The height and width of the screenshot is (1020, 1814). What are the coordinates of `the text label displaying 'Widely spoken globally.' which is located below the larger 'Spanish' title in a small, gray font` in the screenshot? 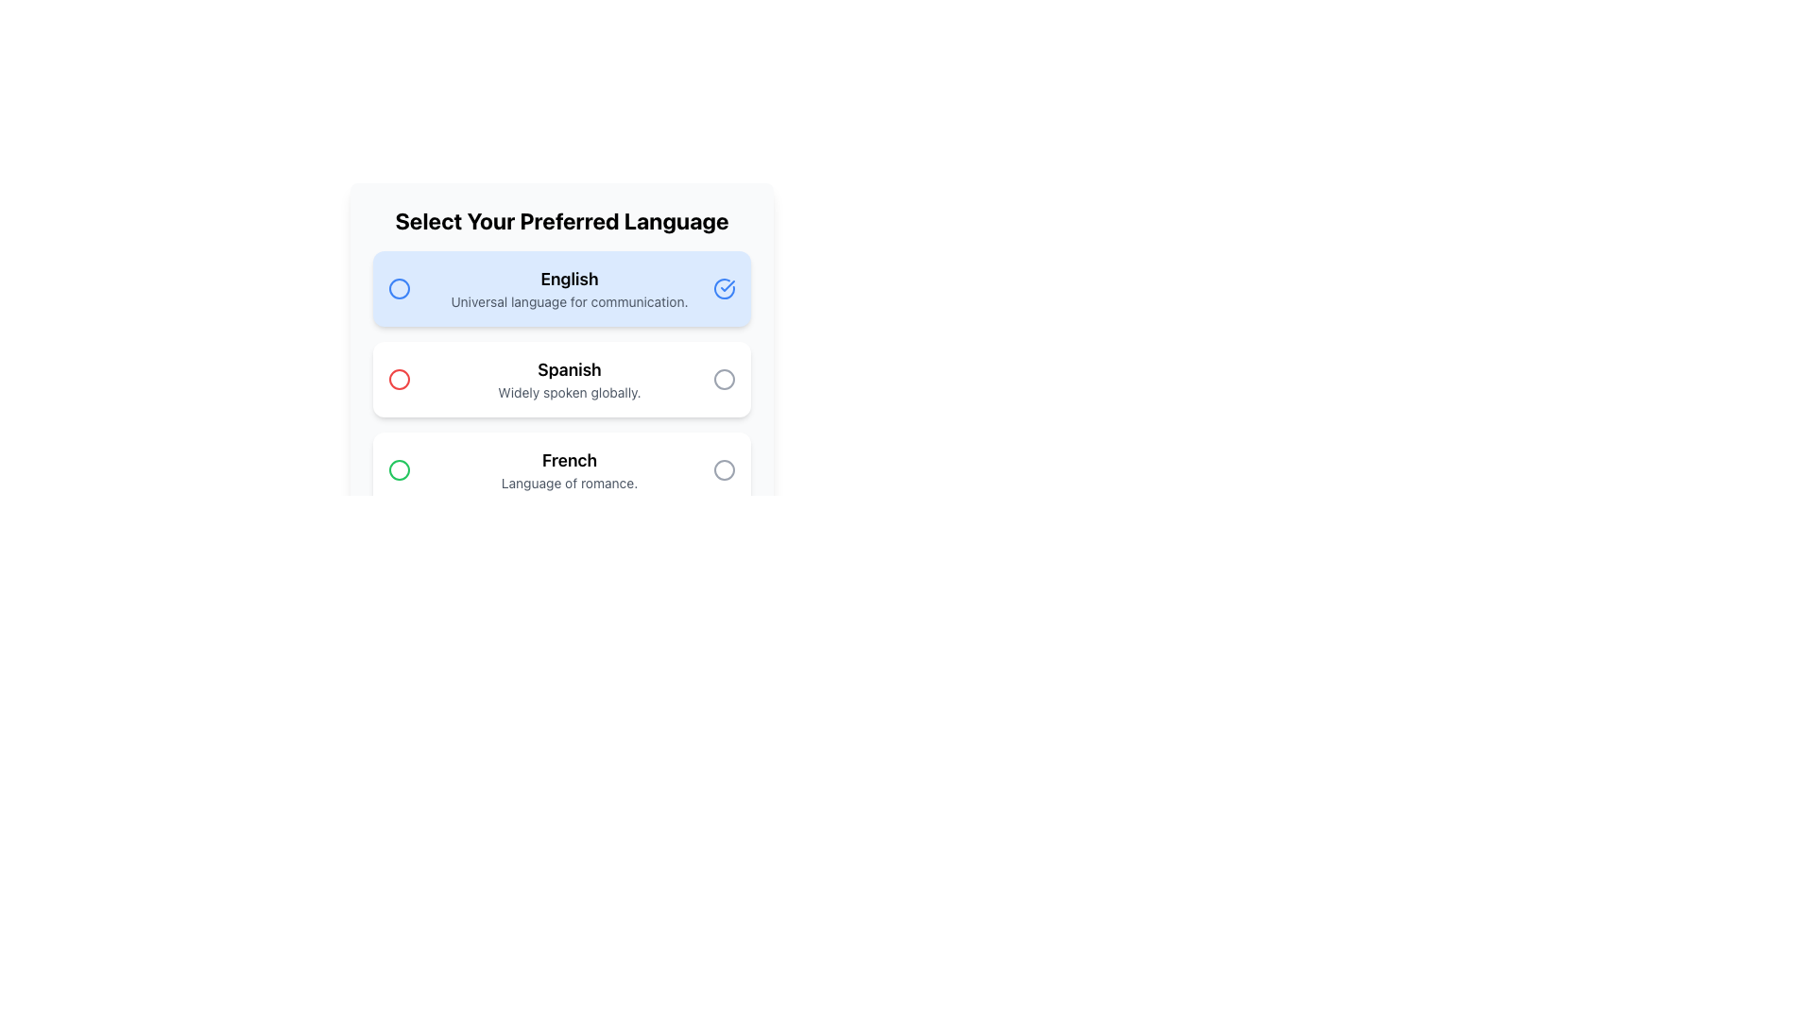 It's located at (569, 392).